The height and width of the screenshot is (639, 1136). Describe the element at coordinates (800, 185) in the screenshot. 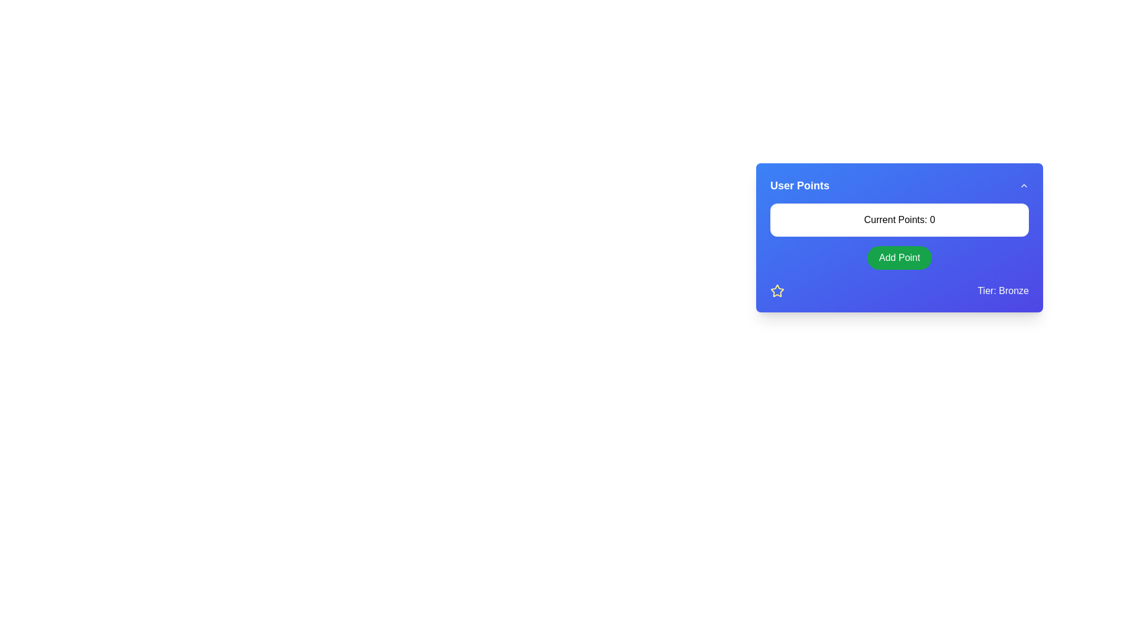

I see `the 'User Points' text label, which is displayed in bold white font on a blue background and serves as a heading for the section below` at that location.